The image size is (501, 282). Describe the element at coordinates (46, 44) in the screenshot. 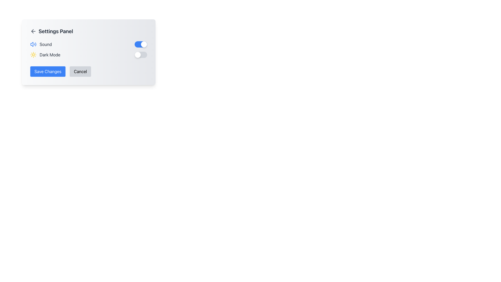

I see `the 'Sound' text label styled with a gray font color in the settings user interface, which is located next to an audio icon and is the first option in the list of settings options` at that location.